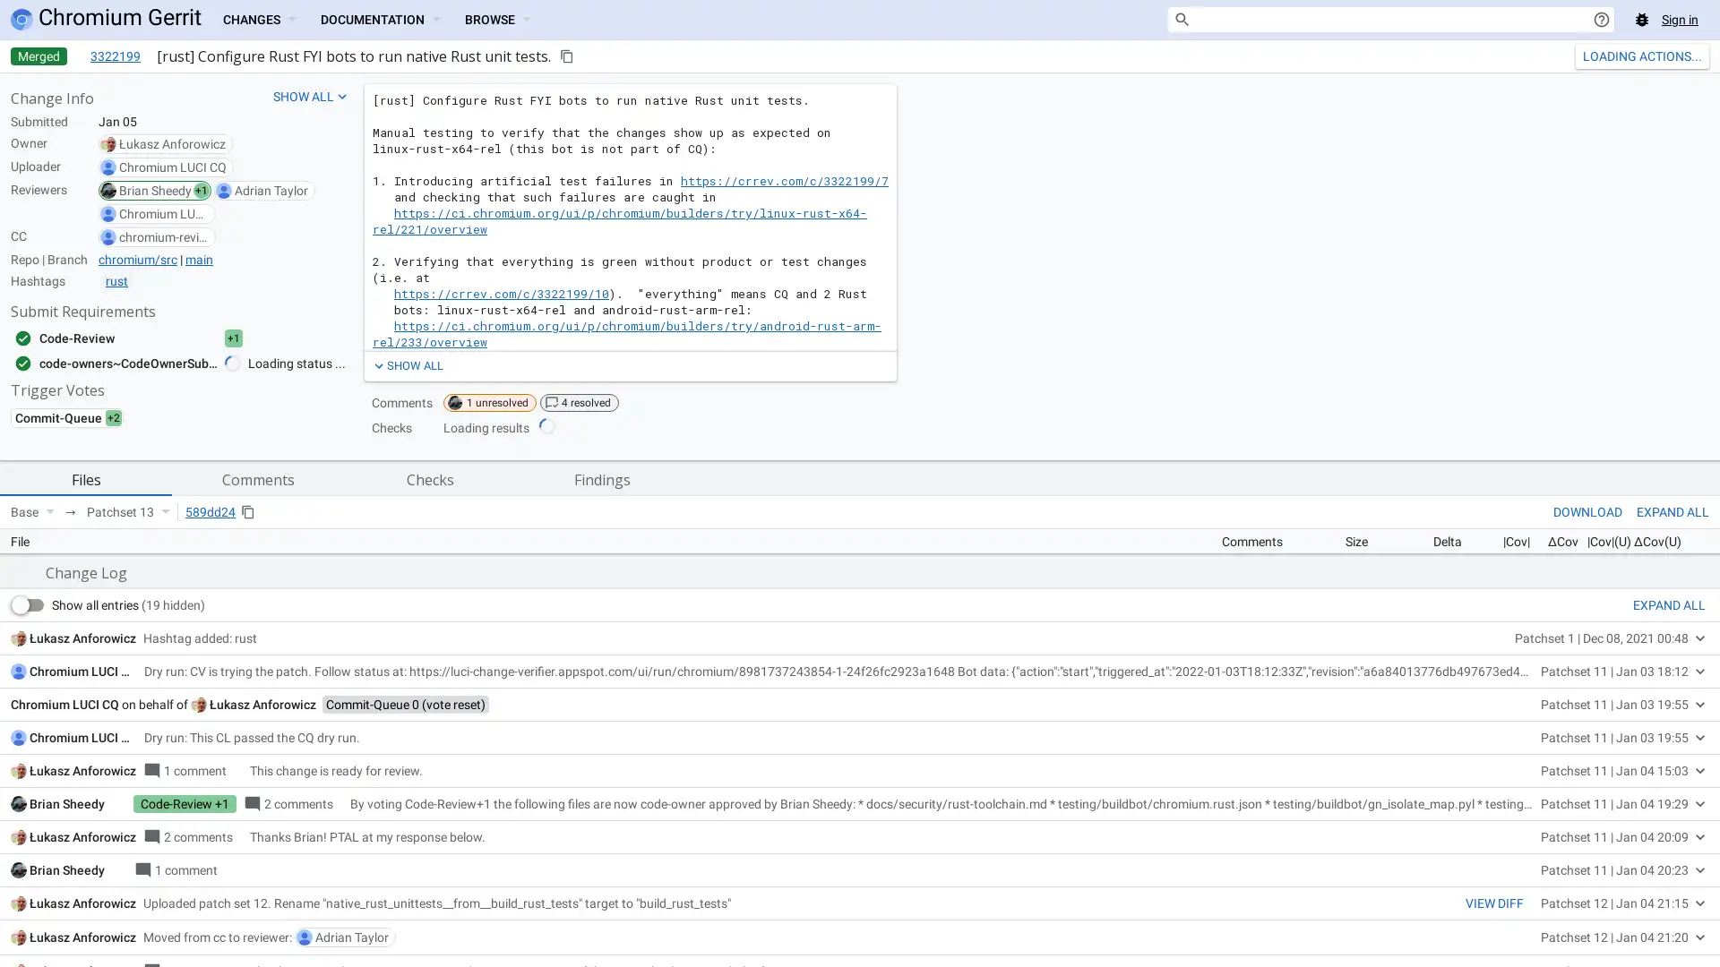  Describe the element at coordinates (1587, 511) in the screenshot. I see `DOWNLOAD` at that location.